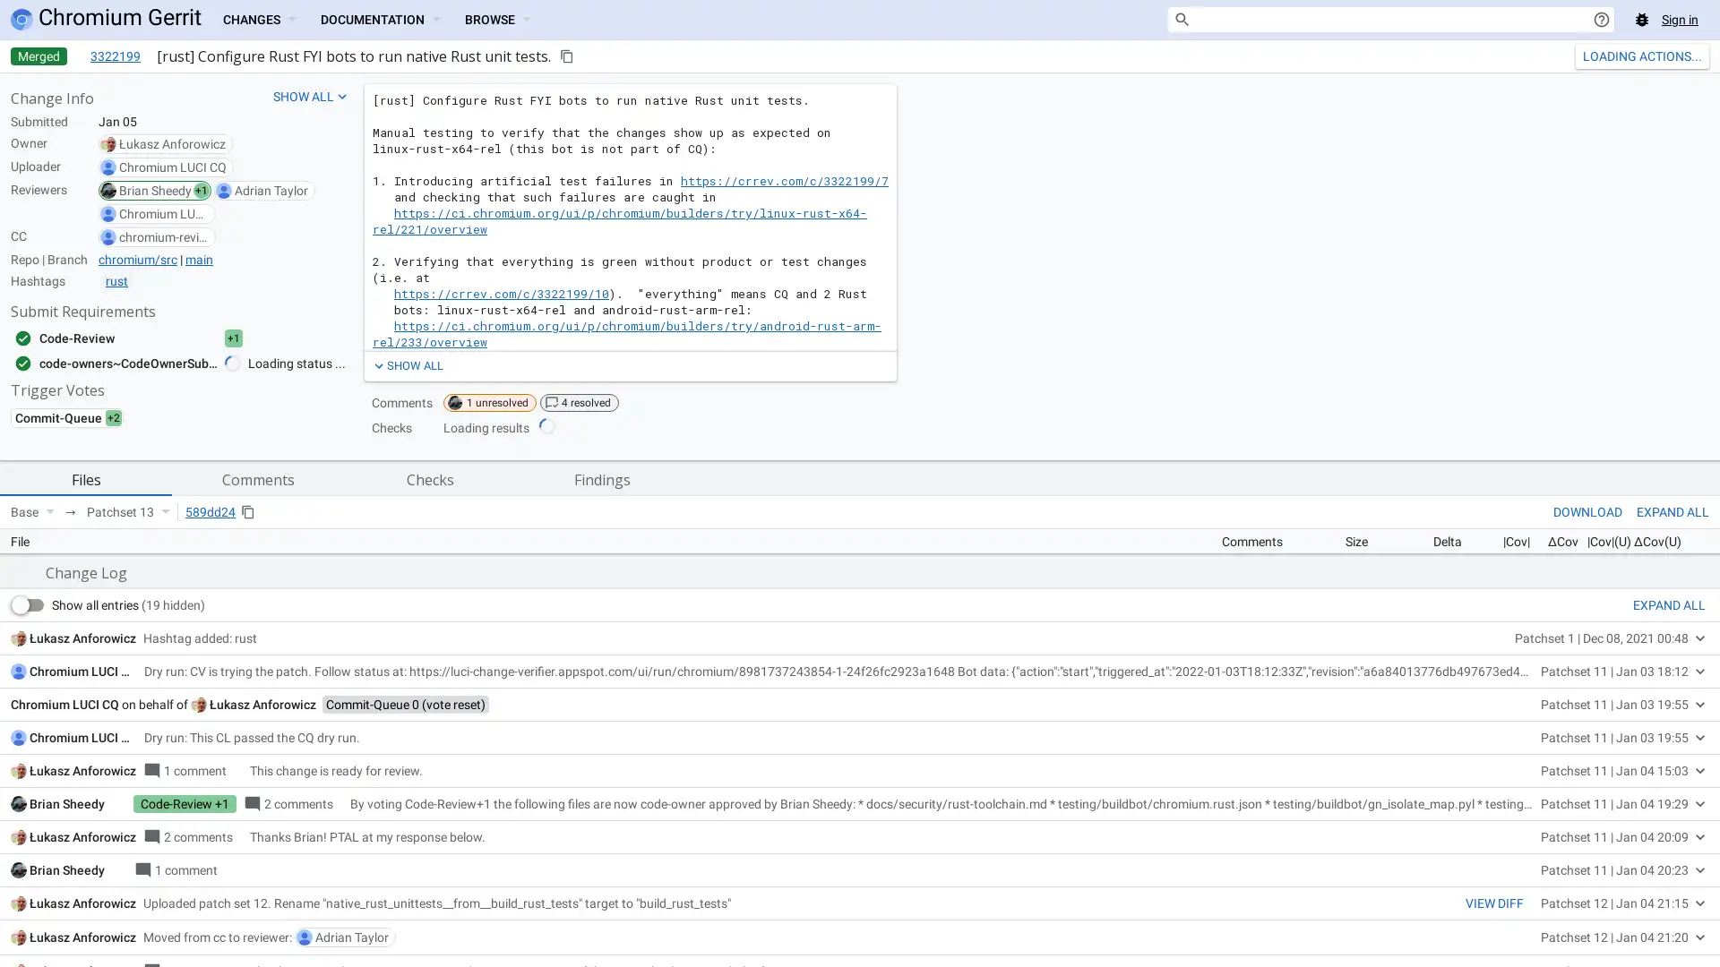  Describe the element at coordinates (1587, 511) in the screenshot. I see `DOWNLOAD` at that location.